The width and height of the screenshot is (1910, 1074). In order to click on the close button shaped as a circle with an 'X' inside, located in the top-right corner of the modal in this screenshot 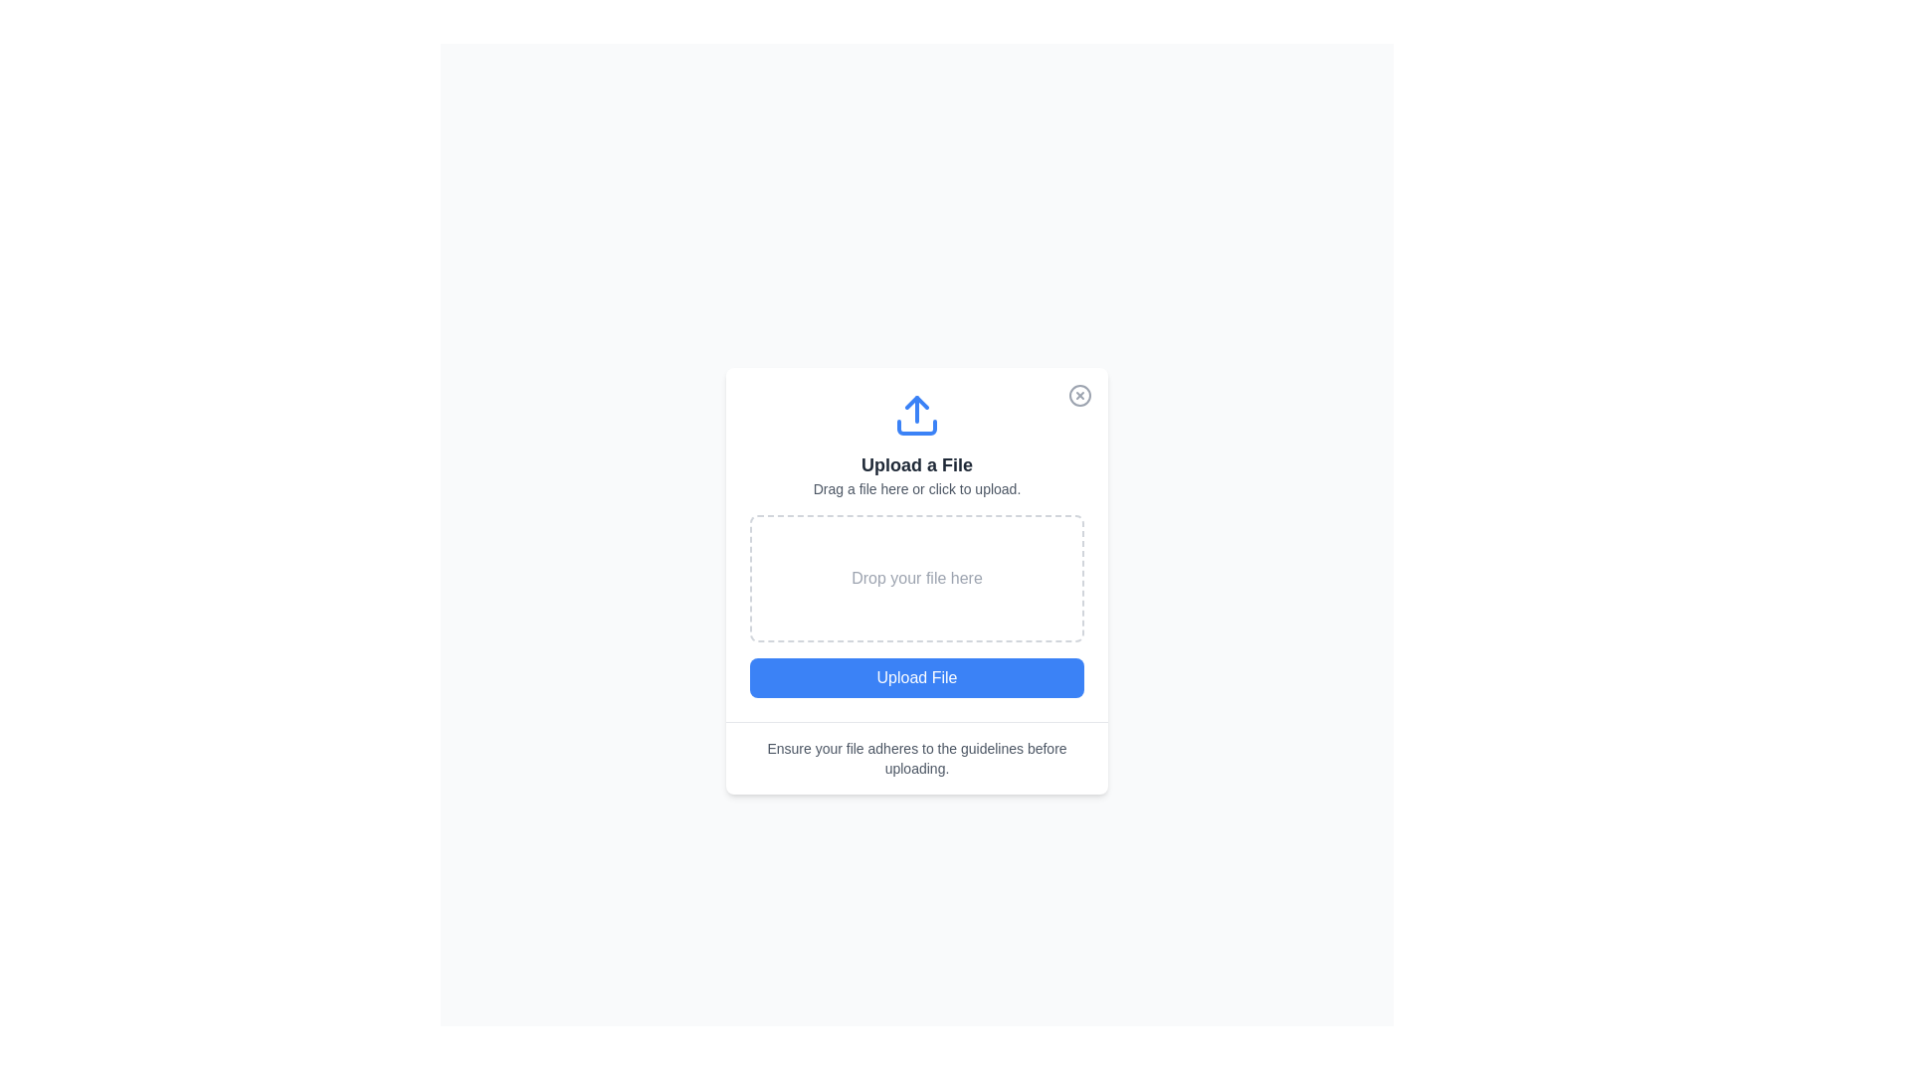, I will do `click(1078, 395)`.